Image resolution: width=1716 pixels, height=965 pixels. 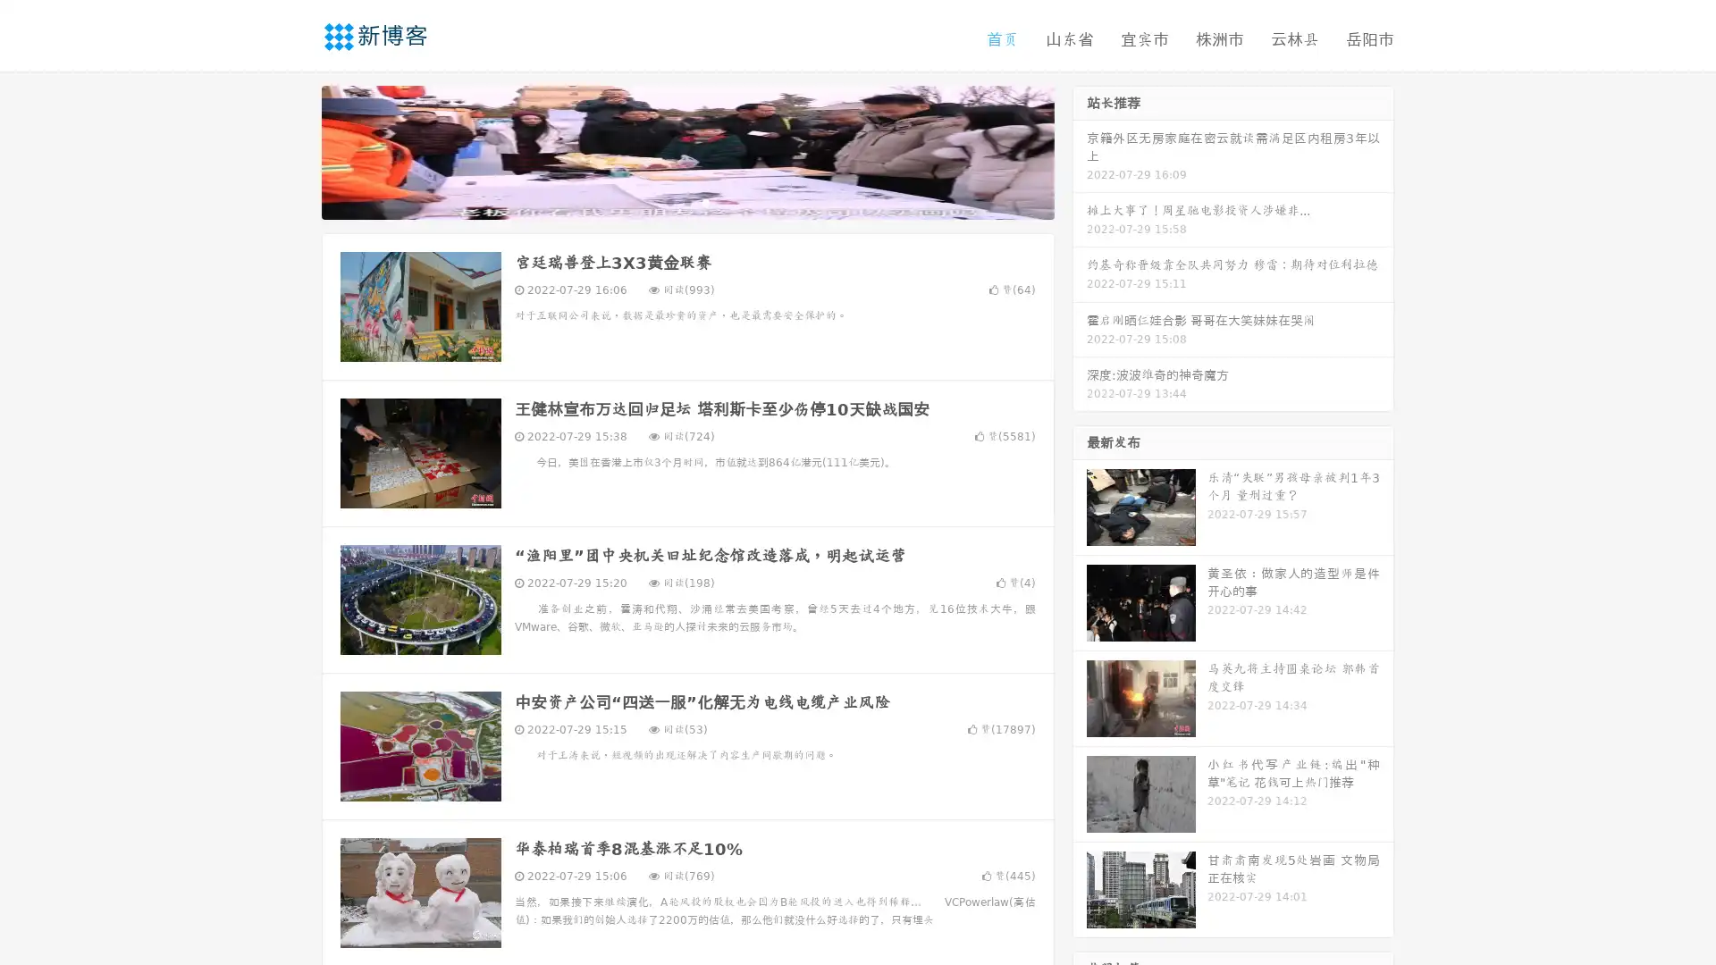 What do you see at coordinates (1080, 150) in the screenshot?
I see `Next slide` at bounding box center [1080, 150].